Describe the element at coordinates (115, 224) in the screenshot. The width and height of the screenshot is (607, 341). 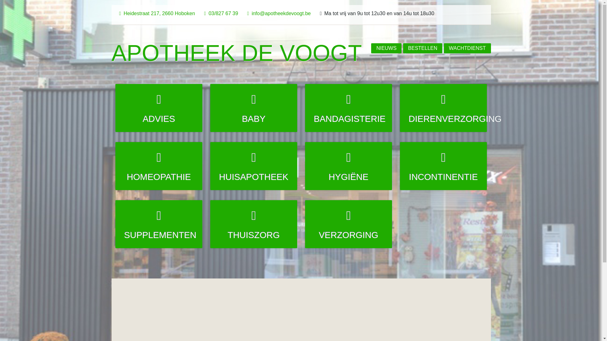
I see `'SUPPLEMENTEN'` at that location.